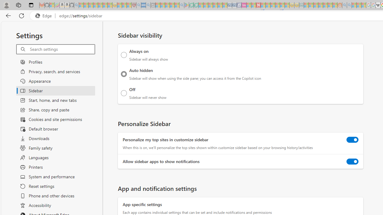 The width and height of the screenshot is (383, 215). Describe the element at coordinates (378, 5) in the screenshot. I see `'Target page - Wikipedia'` at that location.